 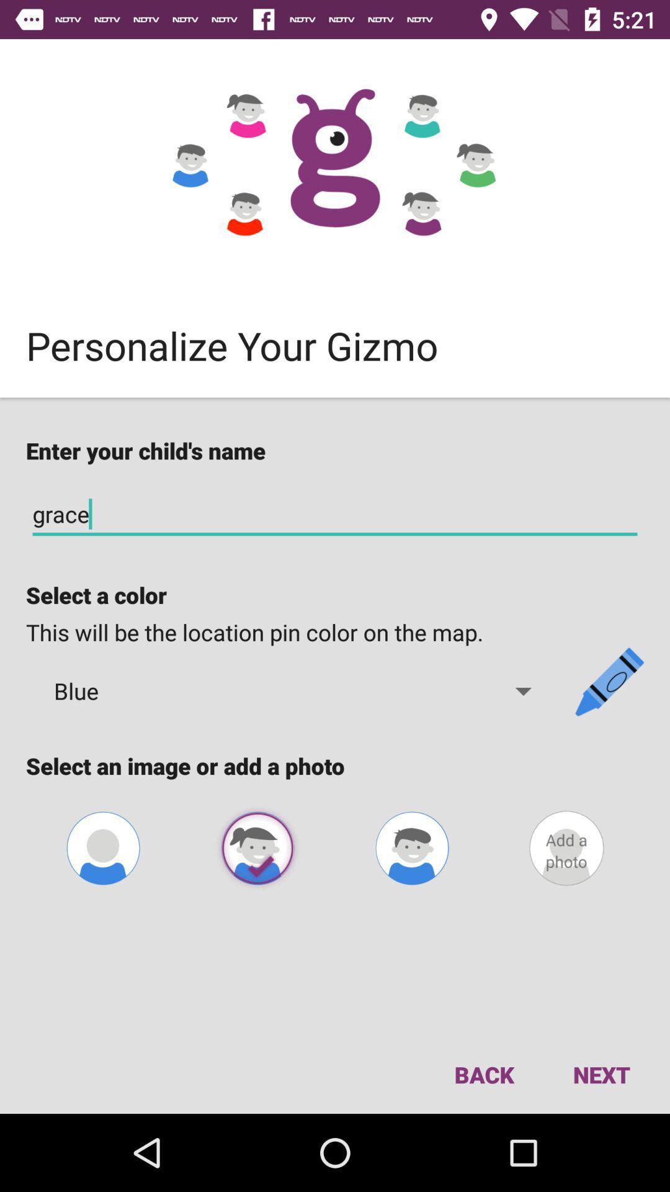 I want to click on contact, so click(x=102, y=847).